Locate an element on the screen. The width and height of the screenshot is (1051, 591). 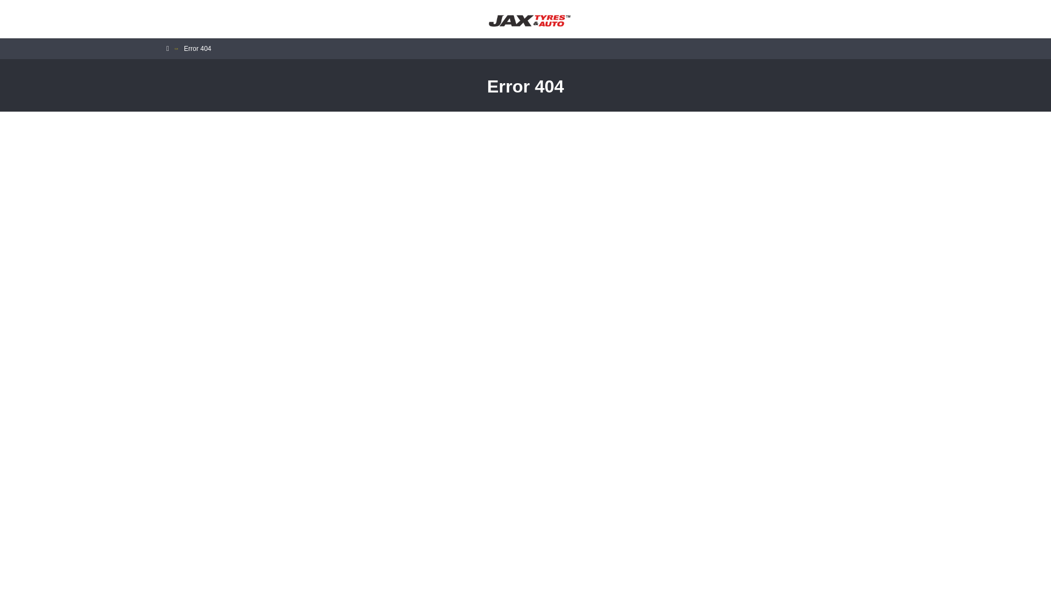
'Home' is located at coordinates (167, 48).